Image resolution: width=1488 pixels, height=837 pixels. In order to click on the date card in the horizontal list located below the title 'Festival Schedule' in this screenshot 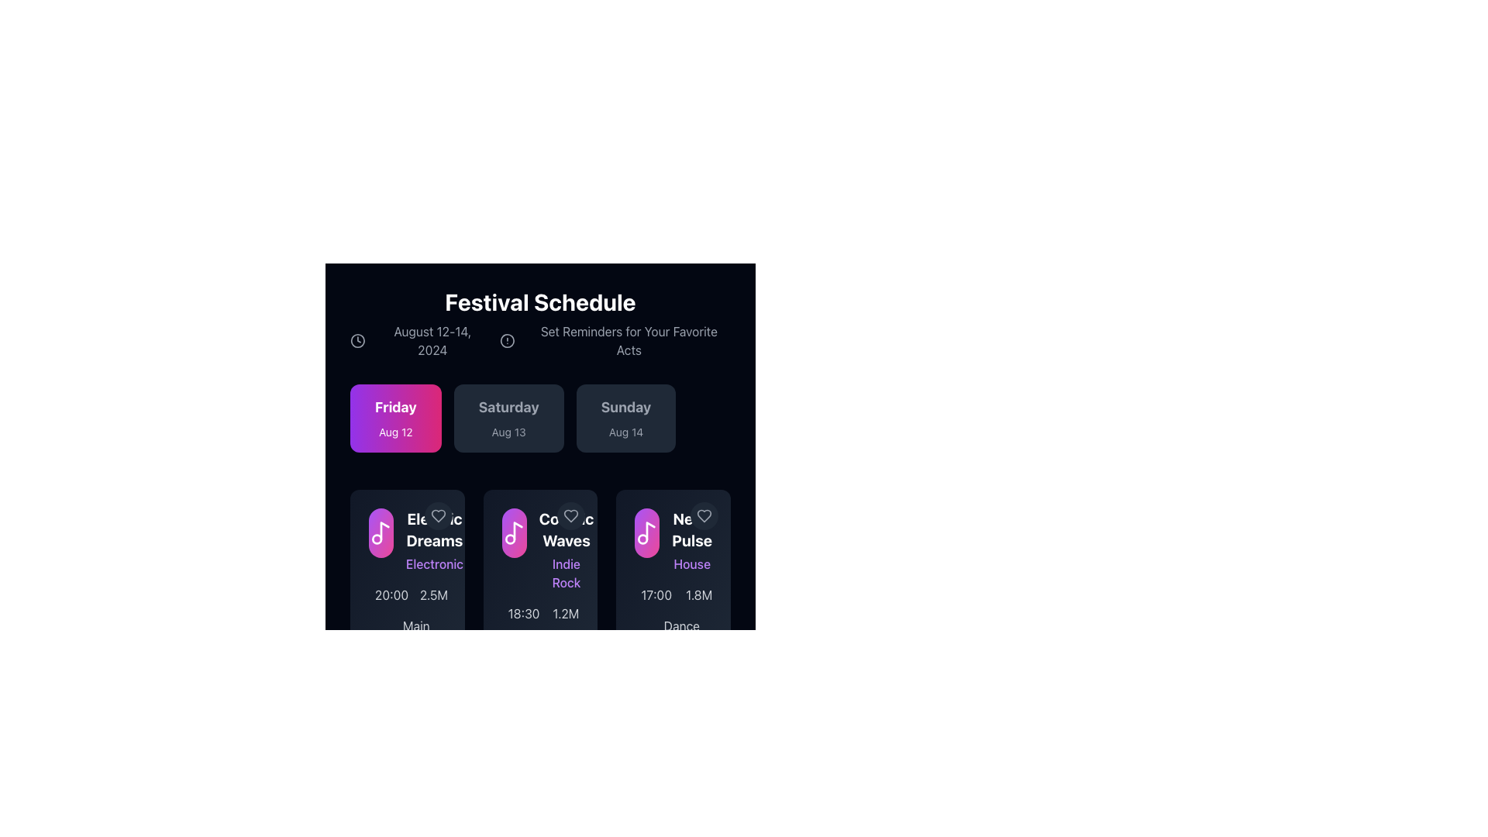, I will do `click(540, 424)`.